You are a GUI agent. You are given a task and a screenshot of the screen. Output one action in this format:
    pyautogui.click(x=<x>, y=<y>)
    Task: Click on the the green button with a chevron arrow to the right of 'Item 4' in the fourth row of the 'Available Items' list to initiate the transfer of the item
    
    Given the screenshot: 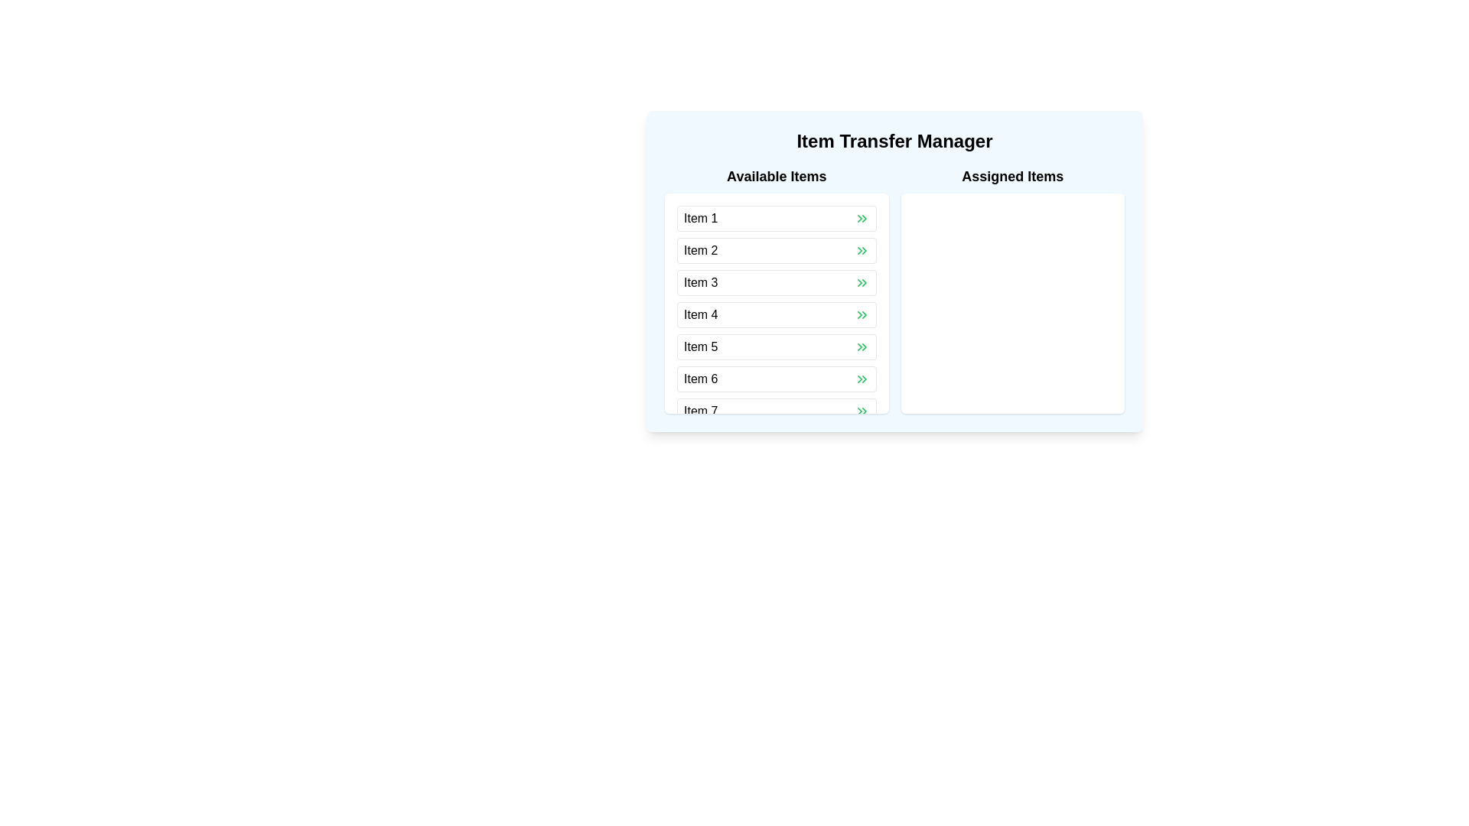 What is the action you would take?
    pyautogui.click(x=862, y=314)
    